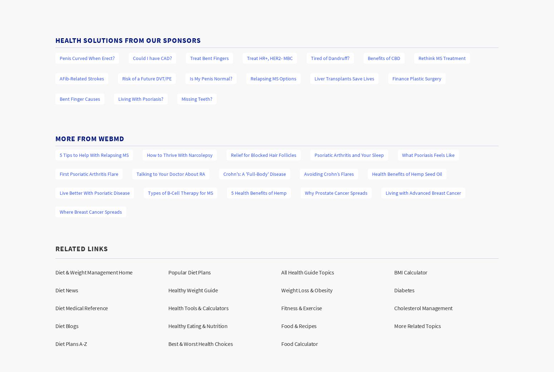 The image size is (554, 372). Describe the element at coordinates (81, 78) in the screenshot. I see `'AFib-Related Strokes'` at that location.